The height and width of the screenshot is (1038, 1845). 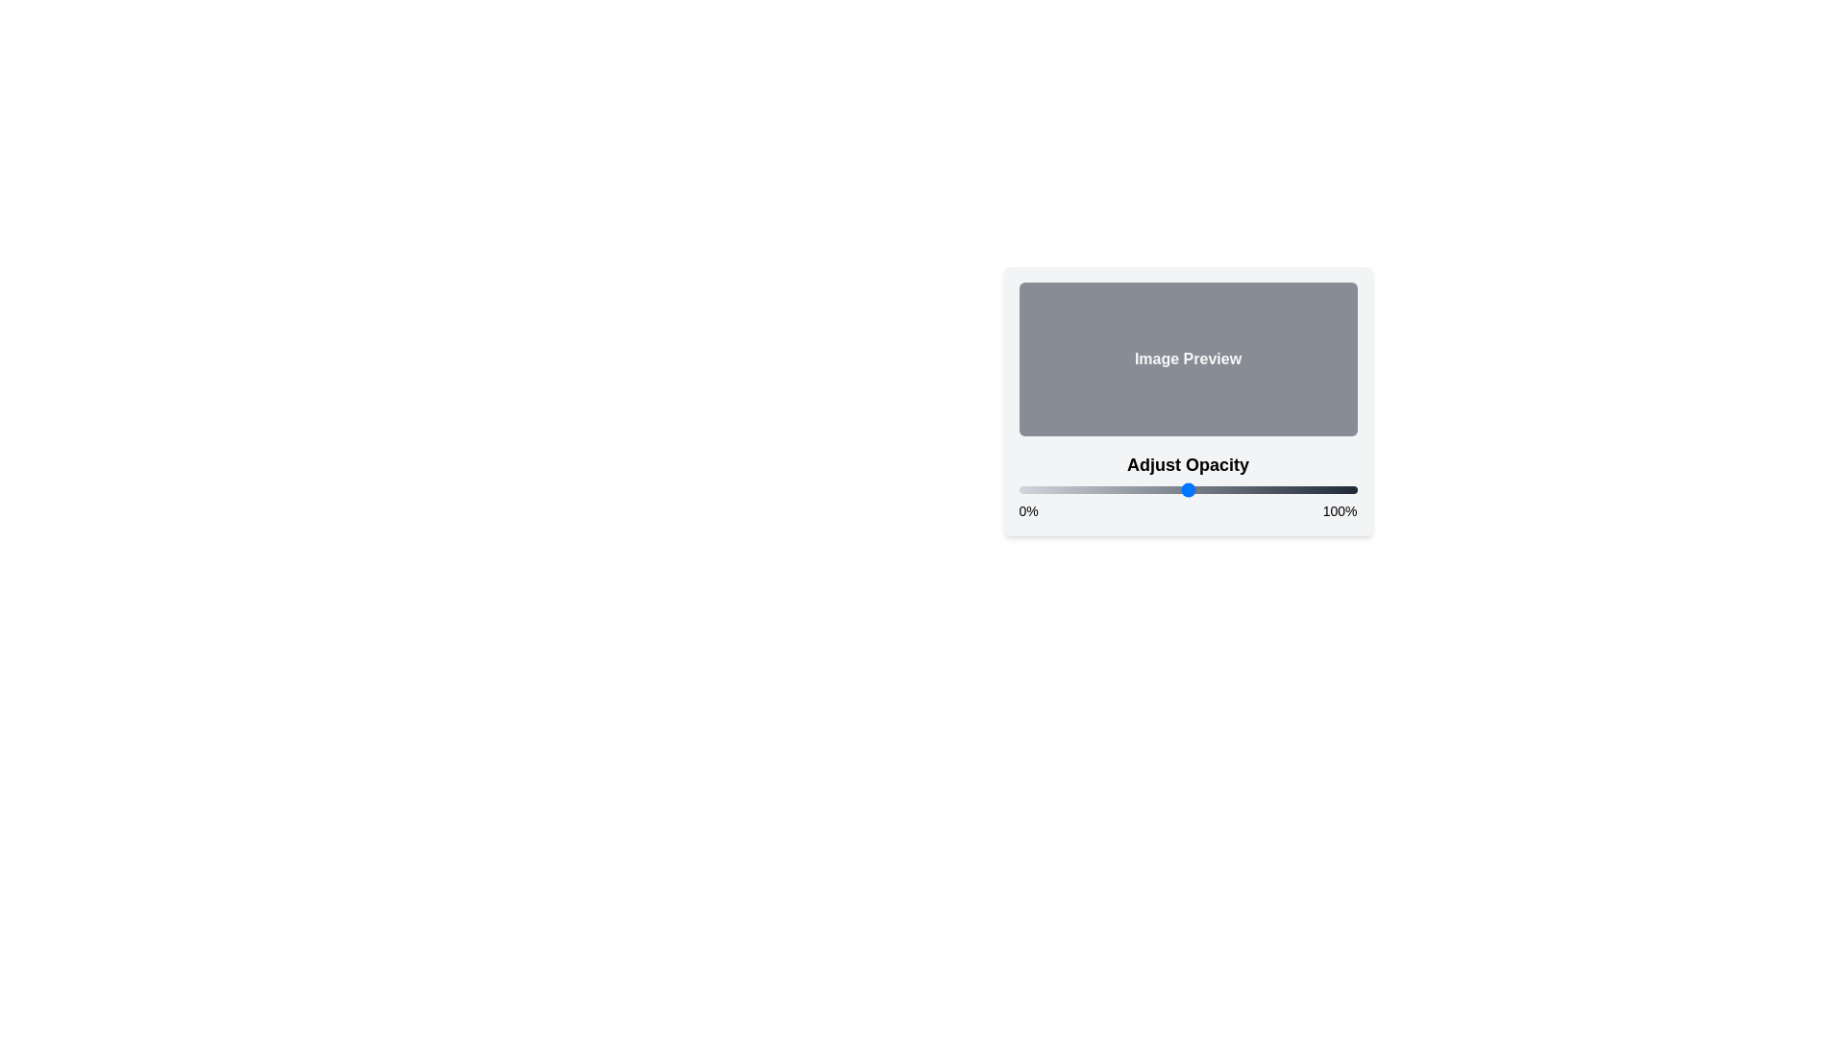 I want to click on slider value, so click(x=1197, y=488).